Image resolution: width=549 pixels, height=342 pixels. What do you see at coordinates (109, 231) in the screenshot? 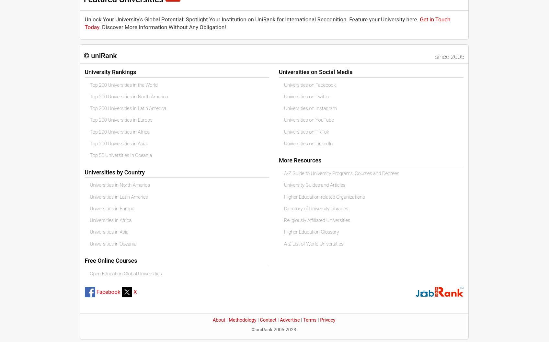
I see `'Universities in Asia'` at bounding box center [109, 231].